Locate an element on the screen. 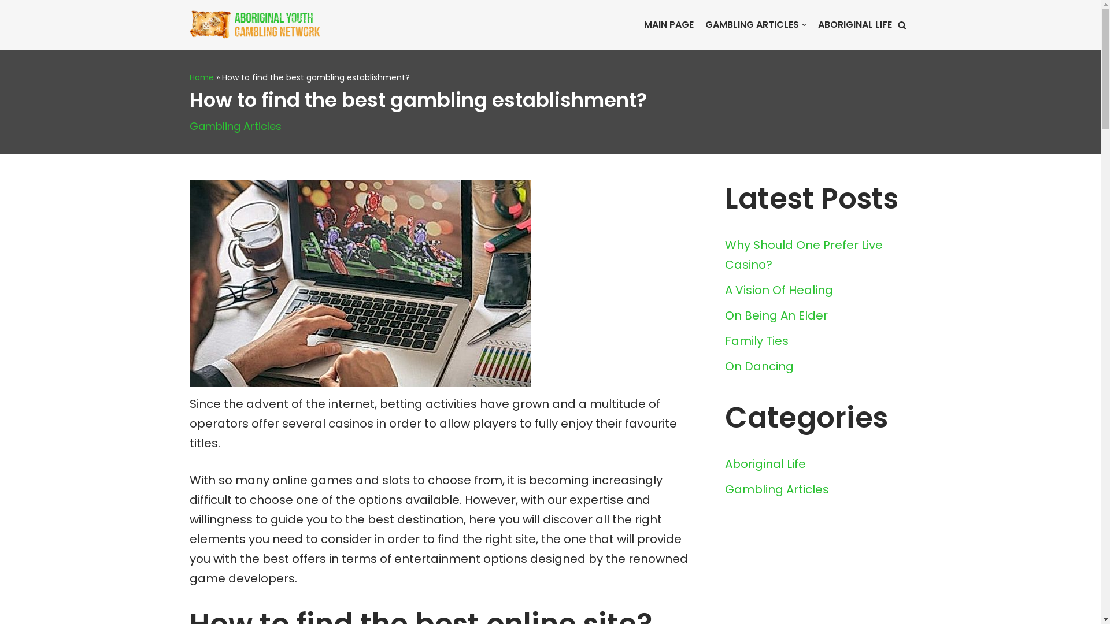 This screenshot has width=1110, height=624. 'Gambling Articles' is located at coordinates (777, 489).